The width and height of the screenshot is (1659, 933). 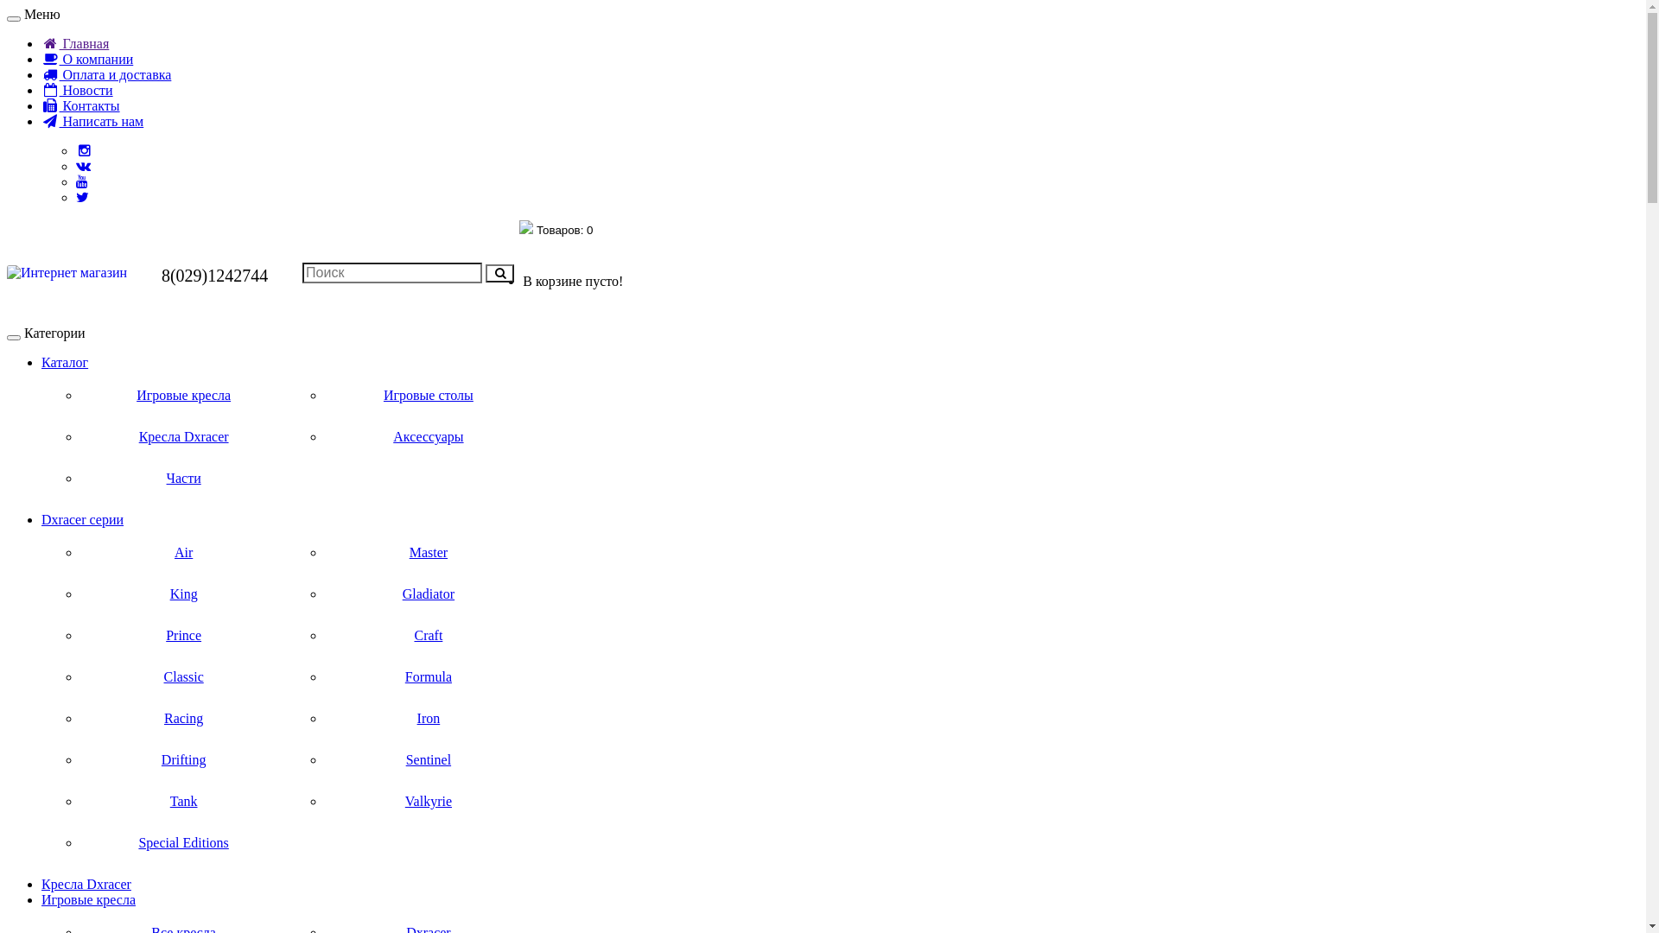 I want to click on 'Gladiator', so click(x=428, y=593).